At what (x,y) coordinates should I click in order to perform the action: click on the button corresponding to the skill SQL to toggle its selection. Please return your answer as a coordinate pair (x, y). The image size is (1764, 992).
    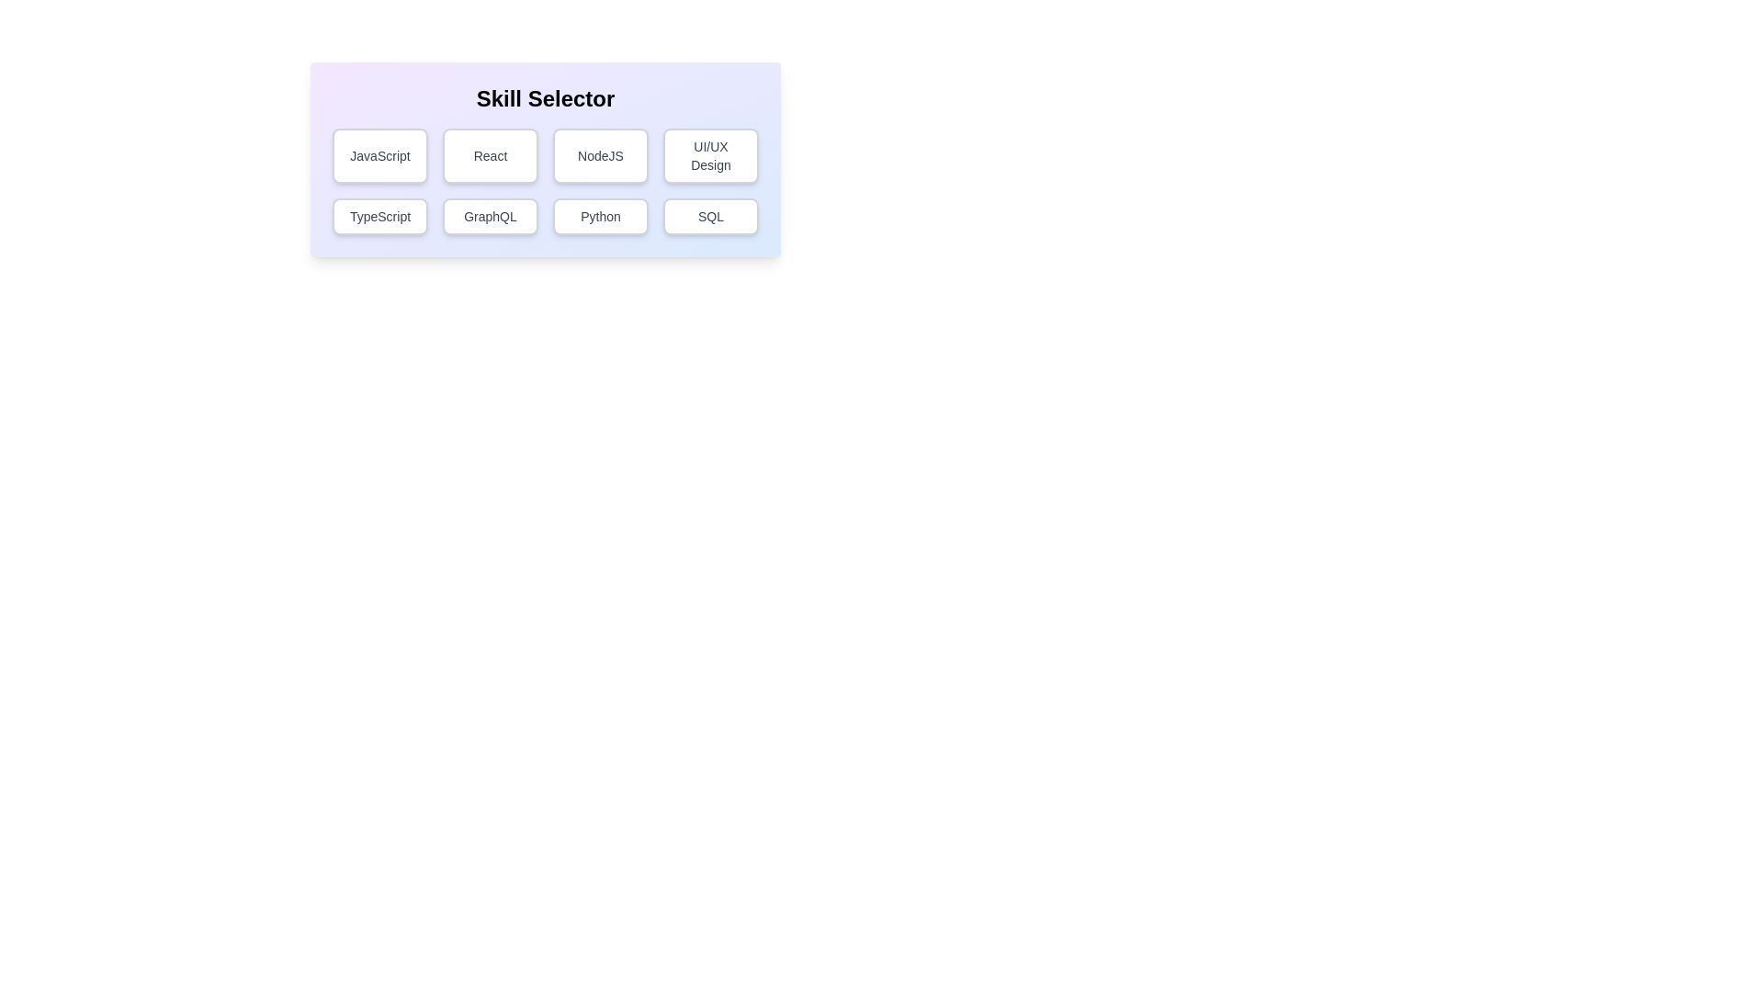
    Looking at the image, I should click on (709, 215).